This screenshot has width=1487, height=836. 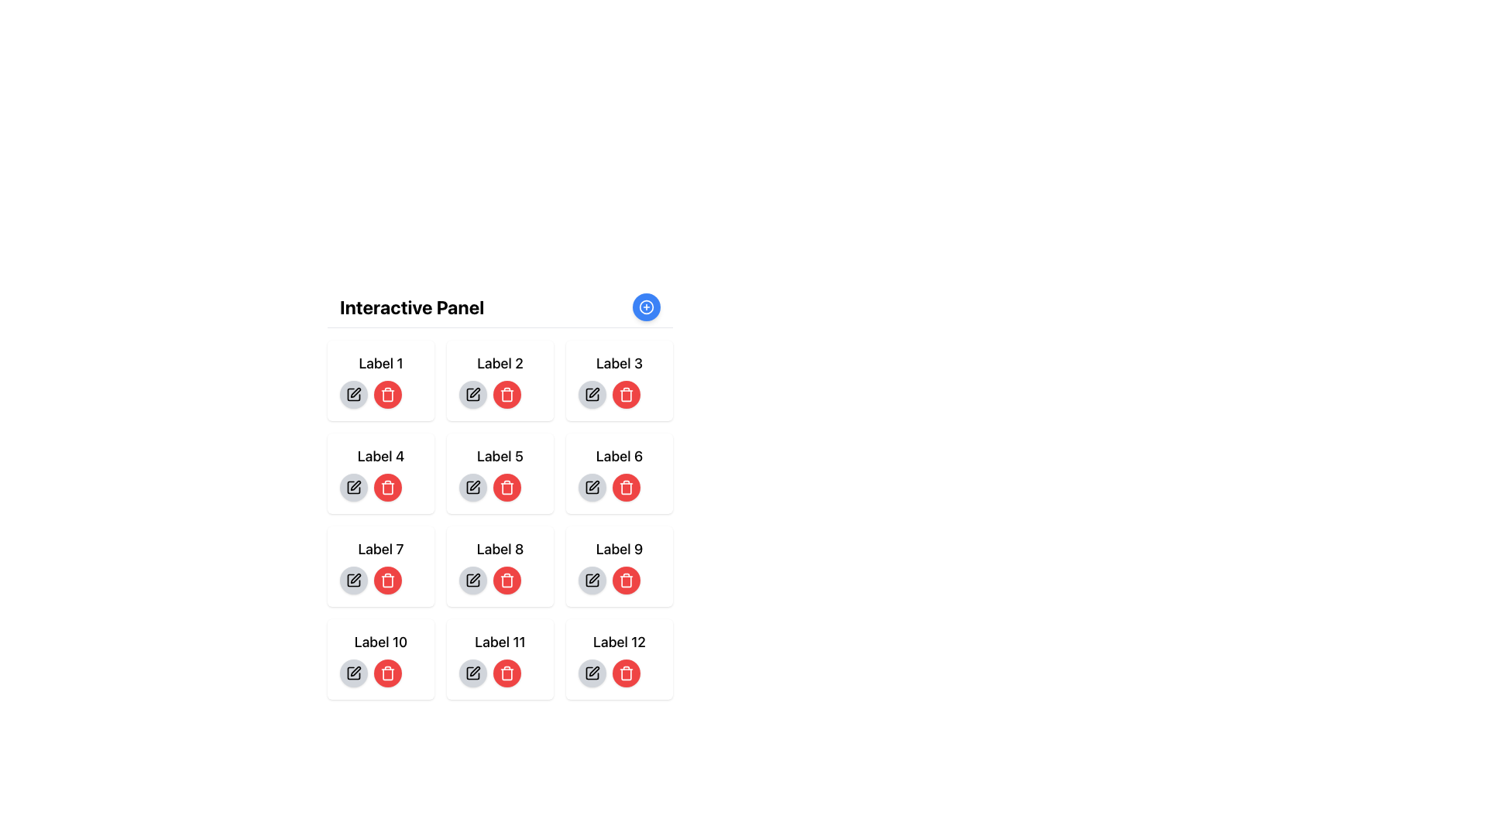 What do you see at coordinates (591, 580) in the screenshot?
I see `the circular button with a light gray background and a black edit icon in the center, located in the seventh column of the panel labeled 'Label 9'` at bounding box center [591, 580].